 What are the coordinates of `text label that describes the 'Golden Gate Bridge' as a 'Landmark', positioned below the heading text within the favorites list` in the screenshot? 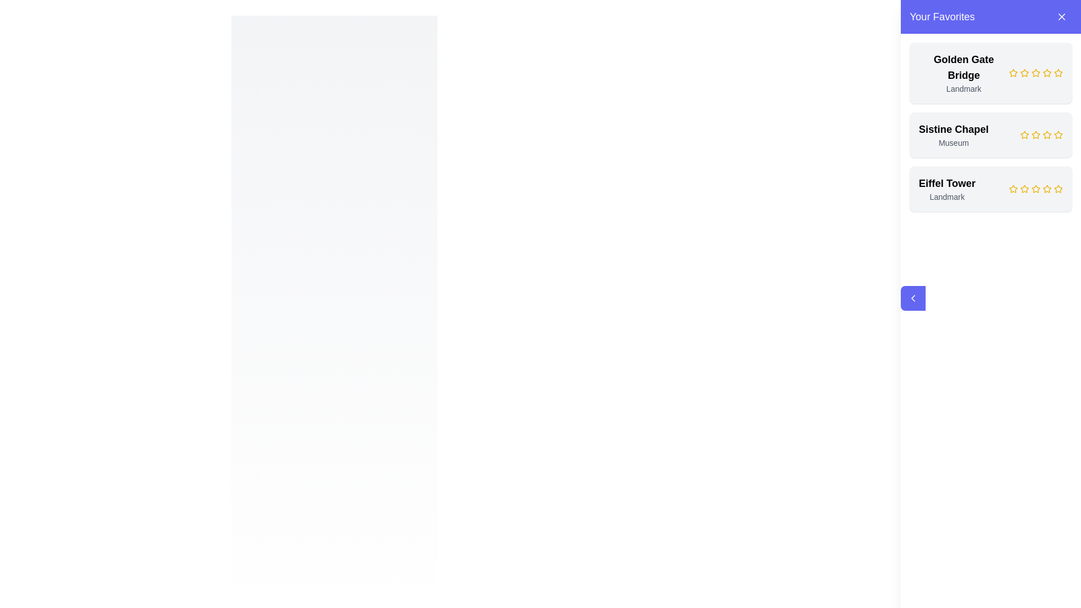 It's located at (963, 88).